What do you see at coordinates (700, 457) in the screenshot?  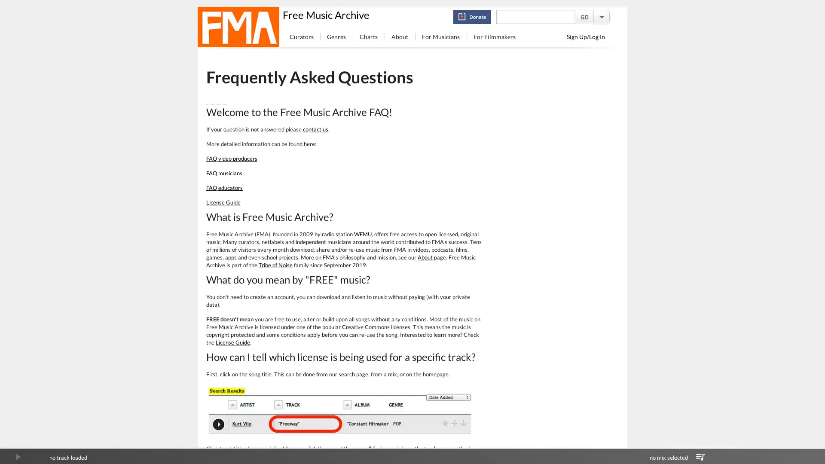 I see `select mix` at bounding box center [700, 457].